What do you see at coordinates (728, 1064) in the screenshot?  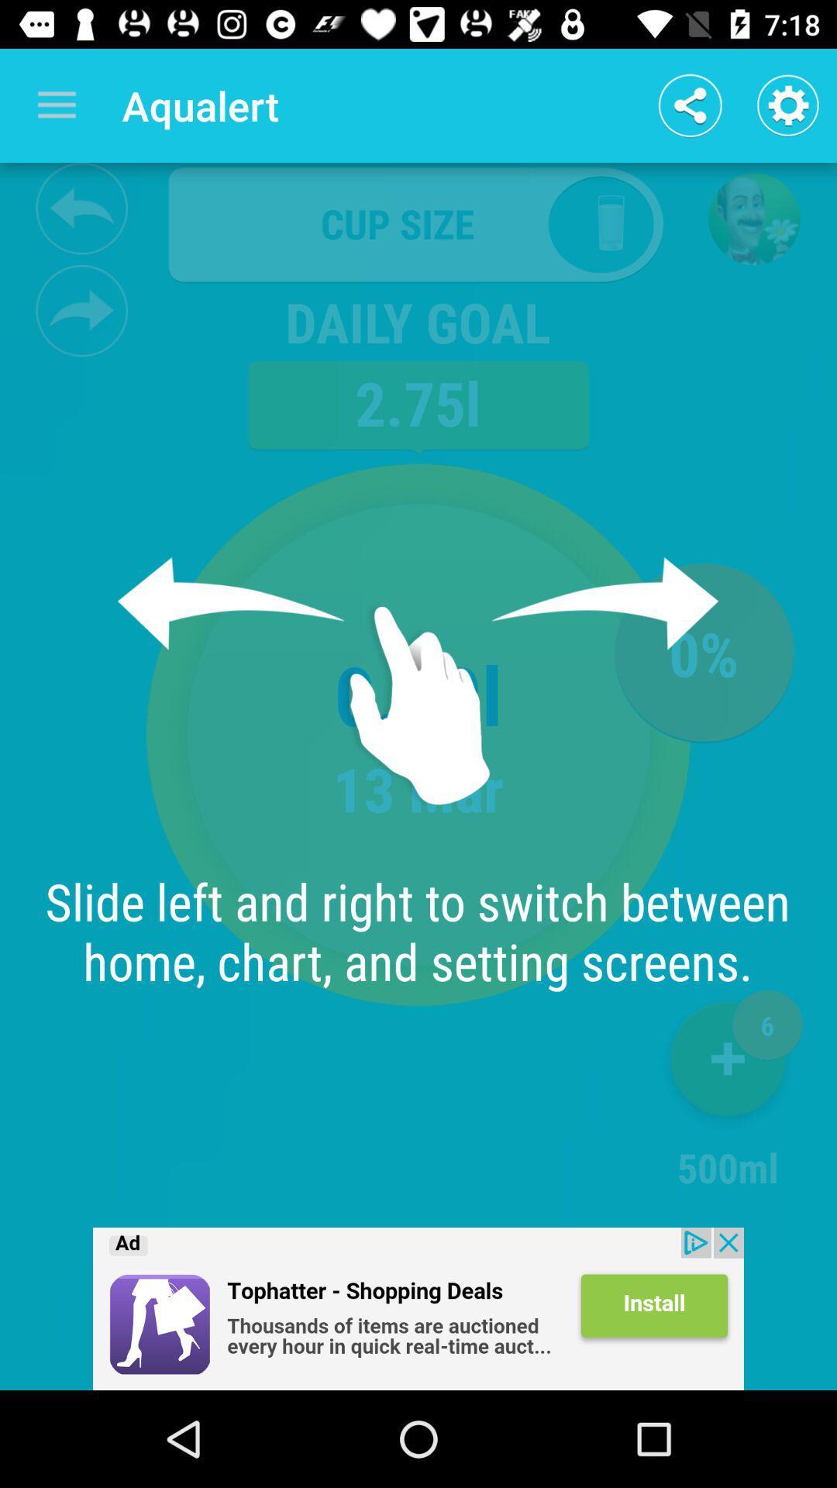 I see `the add icon` at bounding box center [728, 1064].